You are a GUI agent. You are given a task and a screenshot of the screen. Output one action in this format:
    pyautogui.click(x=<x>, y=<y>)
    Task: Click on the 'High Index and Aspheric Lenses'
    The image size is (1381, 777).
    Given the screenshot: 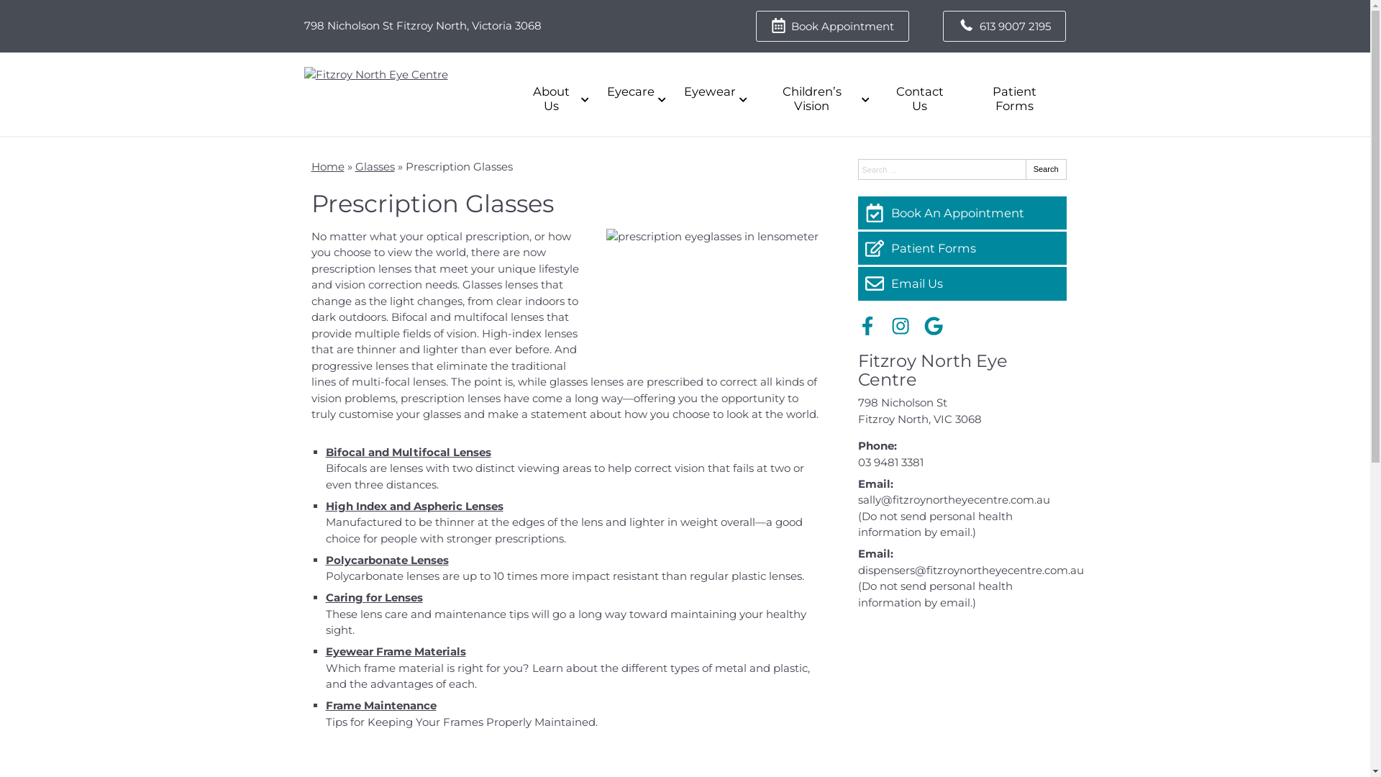 What is the action you would take?
    pyautogui.click(x=413, y=505)
    